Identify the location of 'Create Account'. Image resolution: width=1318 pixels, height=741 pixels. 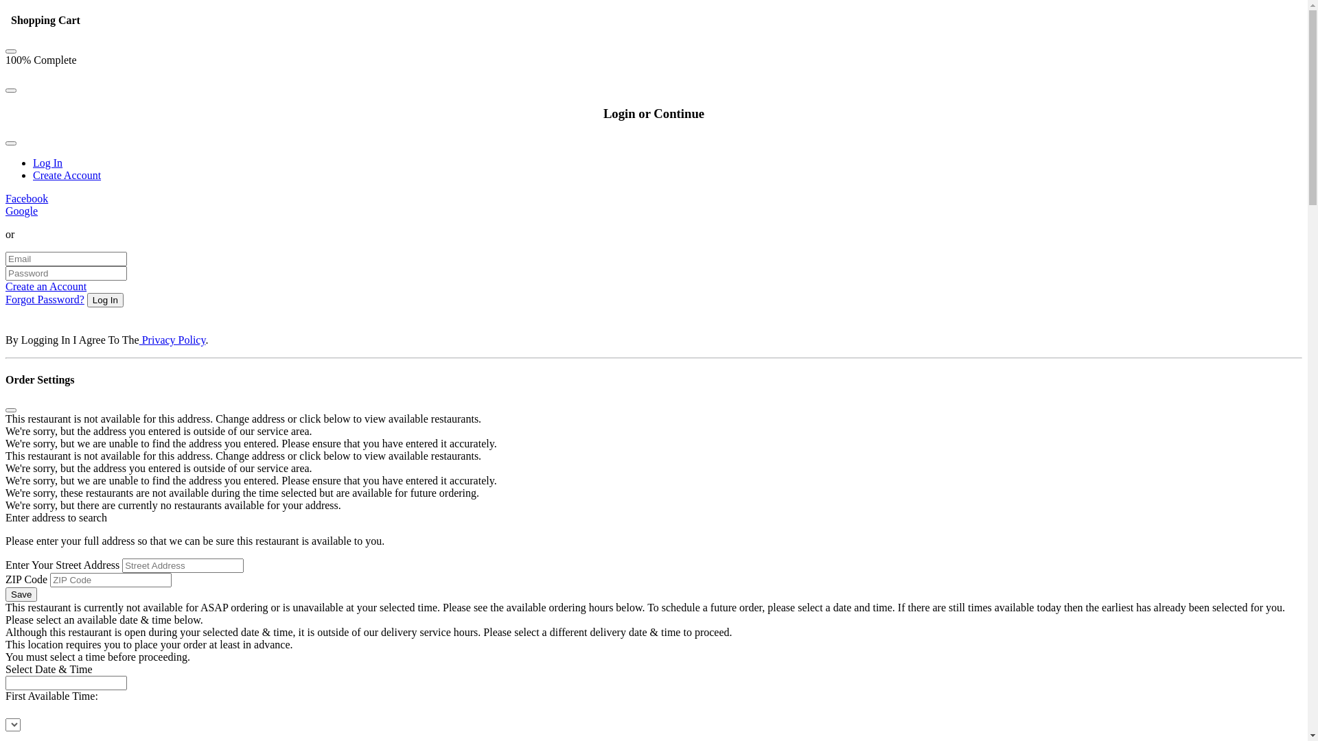
(66, 174).